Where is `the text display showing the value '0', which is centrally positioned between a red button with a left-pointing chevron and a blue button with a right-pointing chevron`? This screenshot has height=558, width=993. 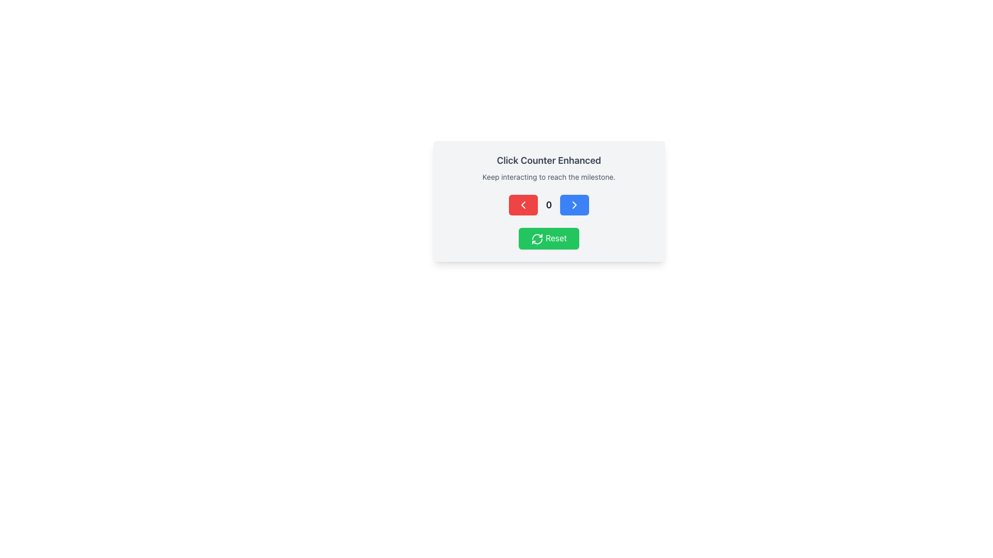
the text display showing the value '0', which is centrally positioned between a red button with a left-pointing chevron and a blue button with a right-pointing chevron is located at coordinates (548, 205).